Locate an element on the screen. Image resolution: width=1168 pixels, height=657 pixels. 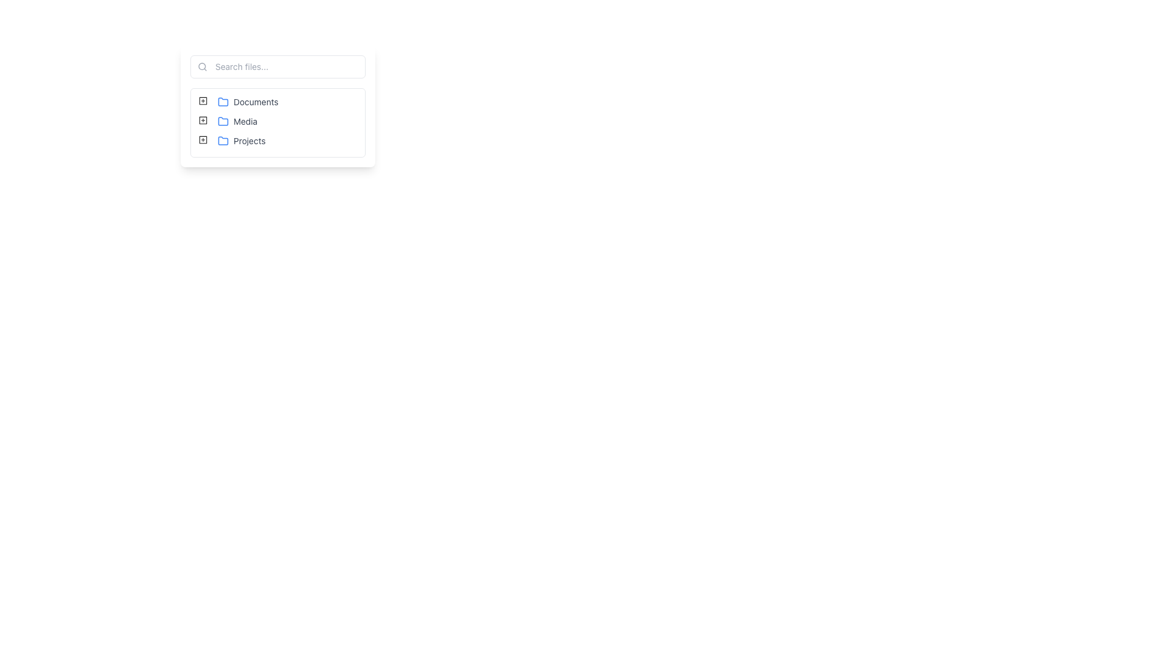
the 'Documents' folder item in the file management tree is located at coordinates (239, 102).